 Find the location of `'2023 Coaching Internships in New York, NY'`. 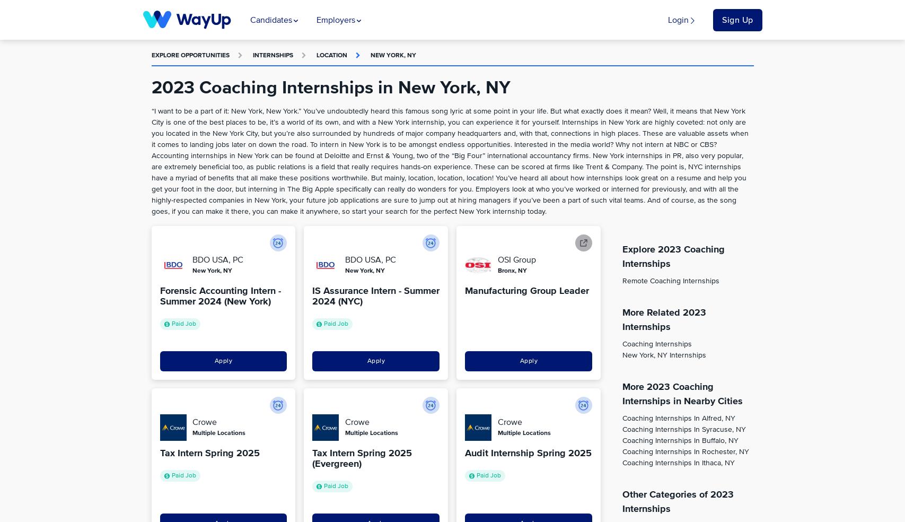

'2023 Coaching Internships in New York, NY' is located at coordinates (151, 88).